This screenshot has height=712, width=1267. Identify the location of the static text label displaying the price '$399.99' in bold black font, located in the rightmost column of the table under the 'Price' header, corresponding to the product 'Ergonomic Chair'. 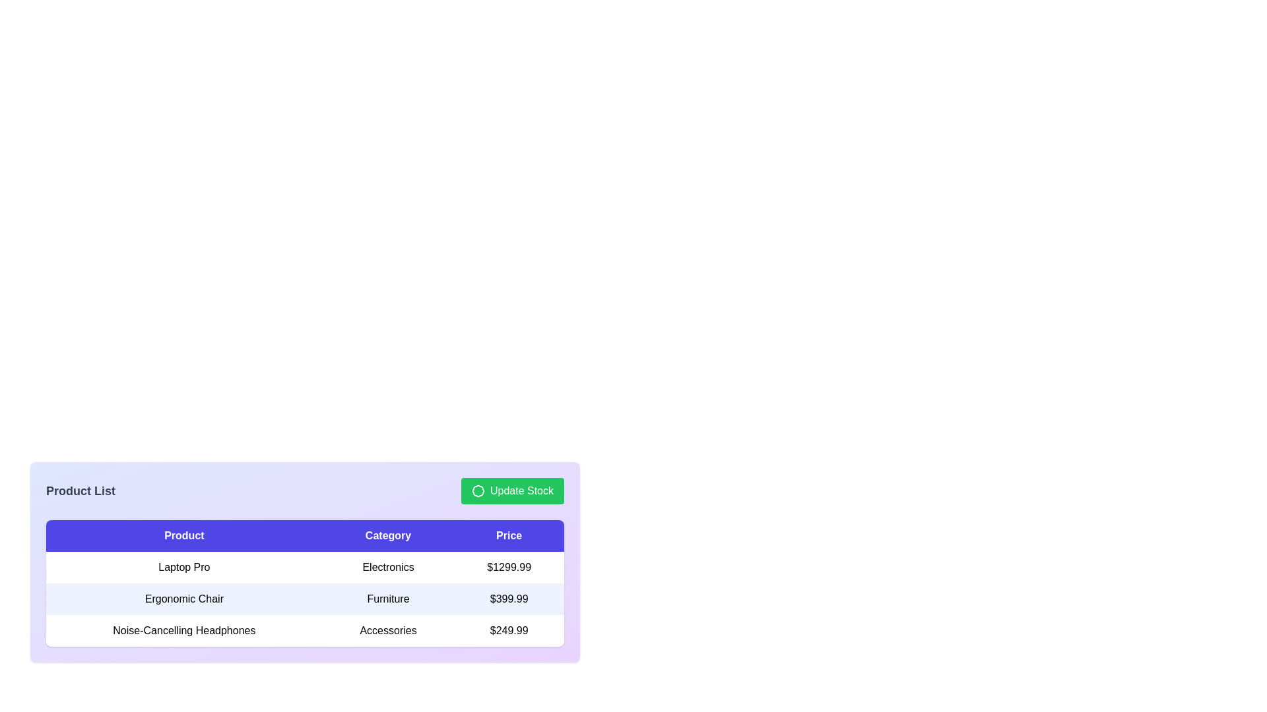
(508, 599).